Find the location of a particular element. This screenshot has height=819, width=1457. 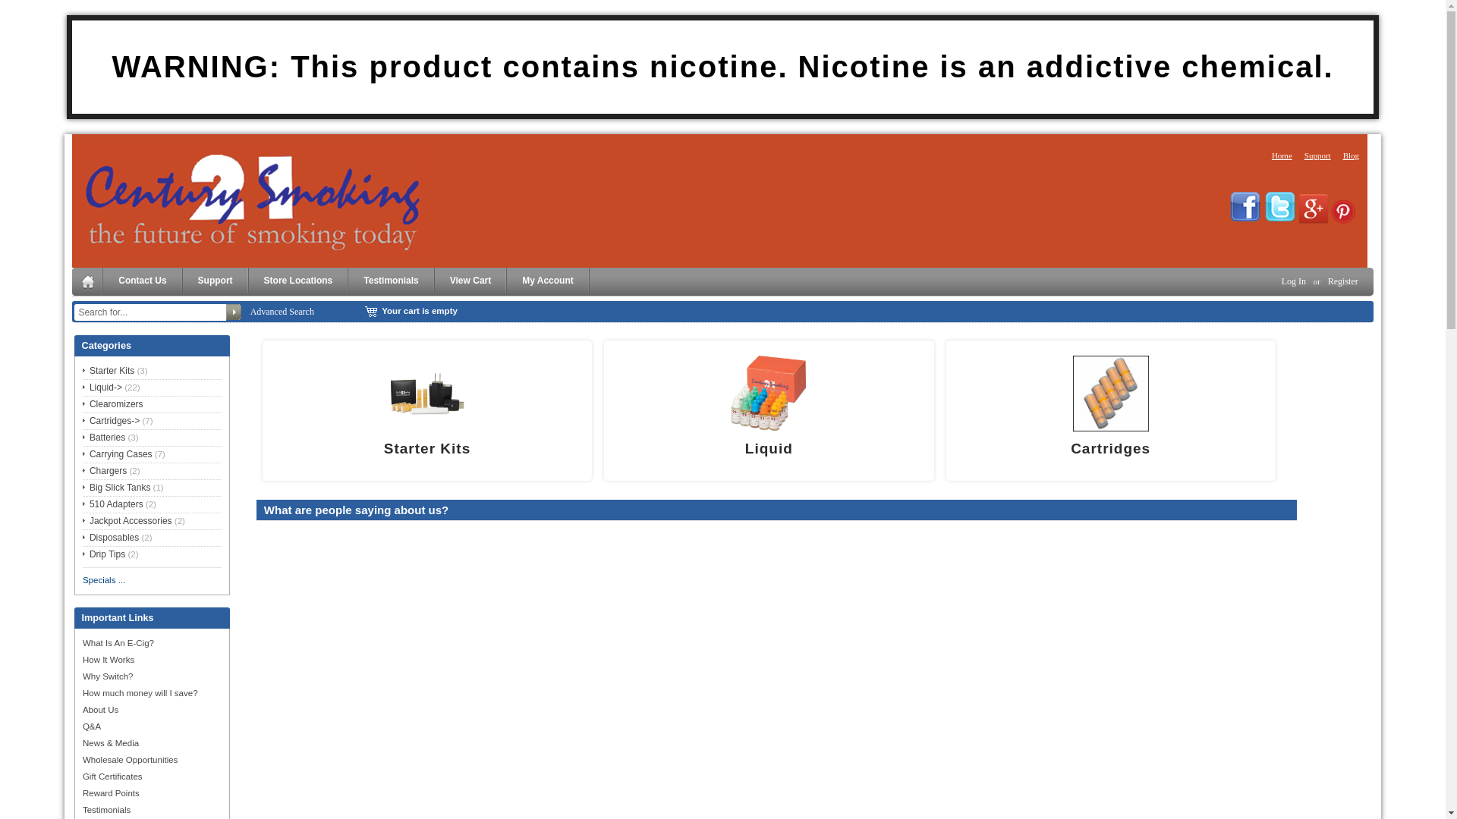

'Why Switch?' is located at coordinates (107, 675).